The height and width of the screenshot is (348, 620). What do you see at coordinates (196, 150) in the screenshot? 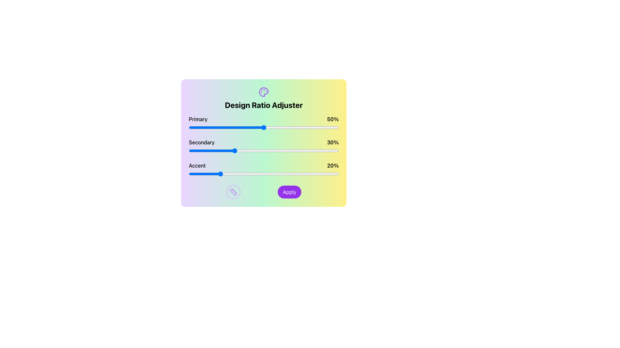
I see `the secondary slider value` at bounding box center [196, 150].